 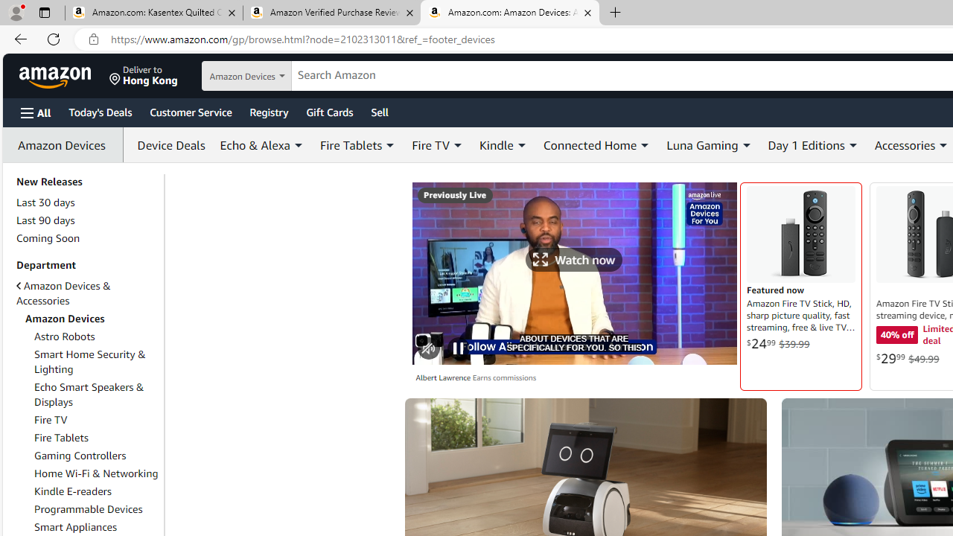 What do you see at coordinates (95, 526) in the screenshot?
I see `'Smart Appliances'` at bounding box center [95, 526].